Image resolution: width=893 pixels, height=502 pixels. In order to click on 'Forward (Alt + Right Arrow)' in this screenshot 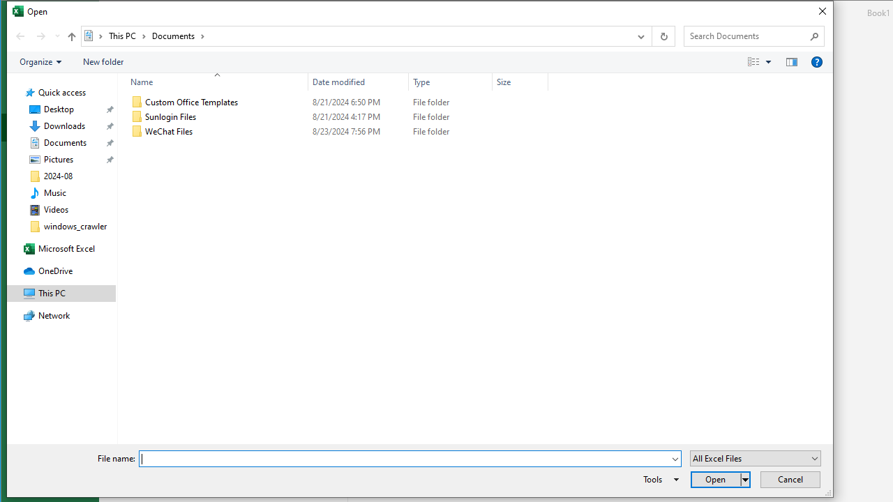, I will do `click(40, 35)`.